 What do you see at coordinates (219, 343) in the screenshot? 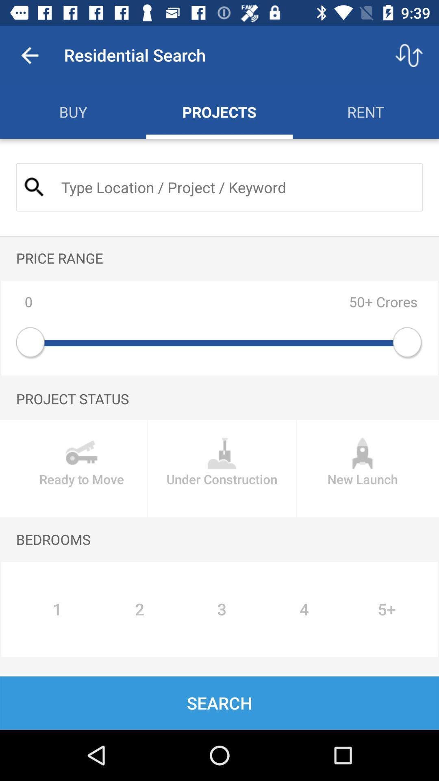
I see `the level slider` at bounding box center [219, 343].